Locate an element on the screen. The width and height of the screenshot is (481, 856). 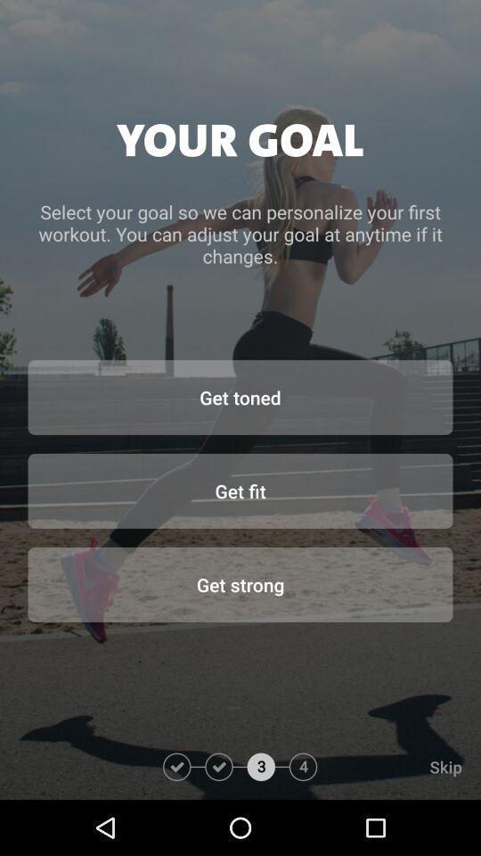
the item below get strong item is located at coordinates (399, 766).